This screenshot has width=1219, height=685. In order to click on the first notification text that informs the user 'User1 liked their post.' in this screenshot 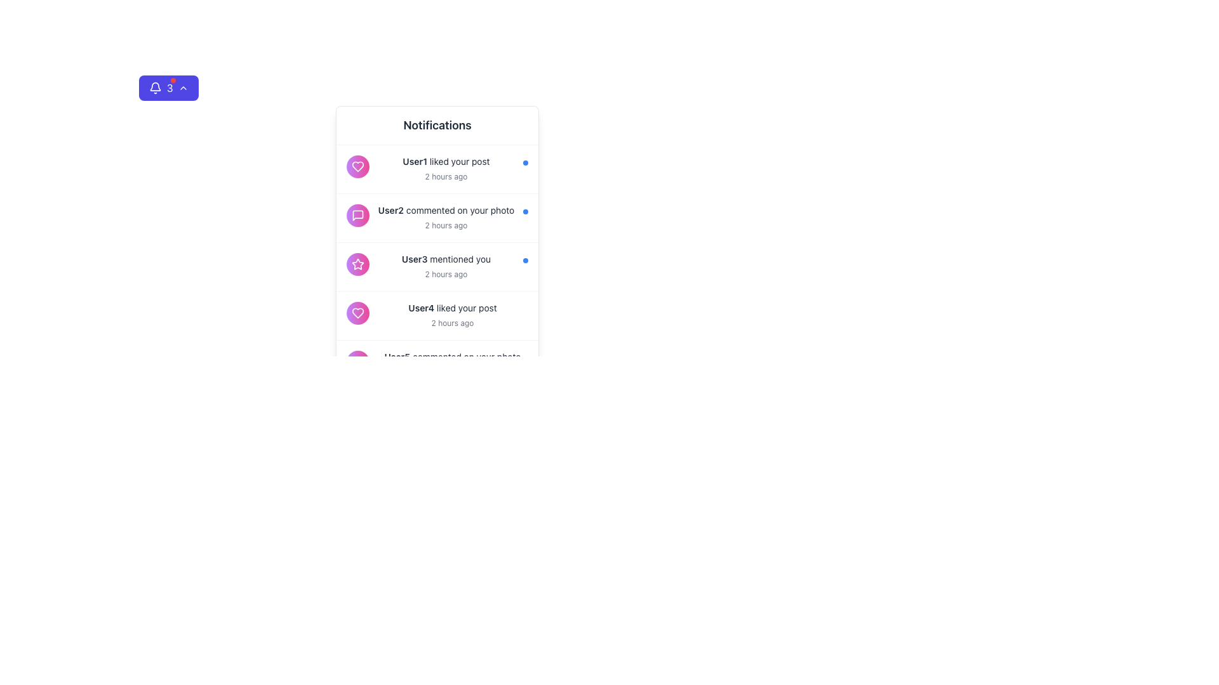, I will do `click(446, 168)`.